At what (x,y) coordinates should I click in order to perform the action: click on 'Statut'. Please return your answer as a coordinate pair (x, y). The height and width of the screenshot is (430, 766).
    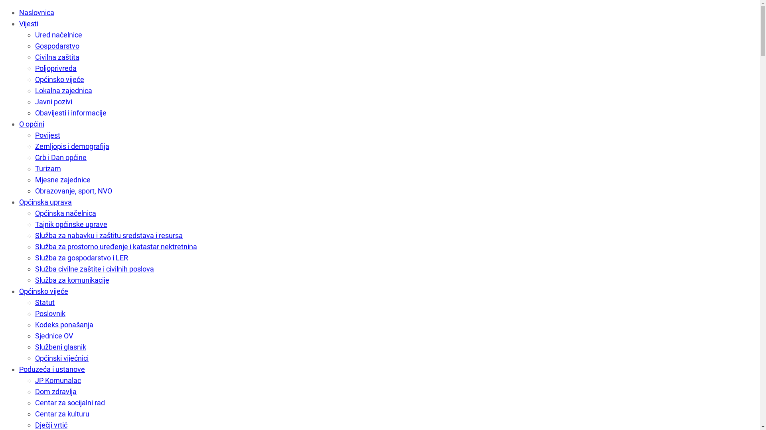
    Looking at the image, I should click on (44, 302).